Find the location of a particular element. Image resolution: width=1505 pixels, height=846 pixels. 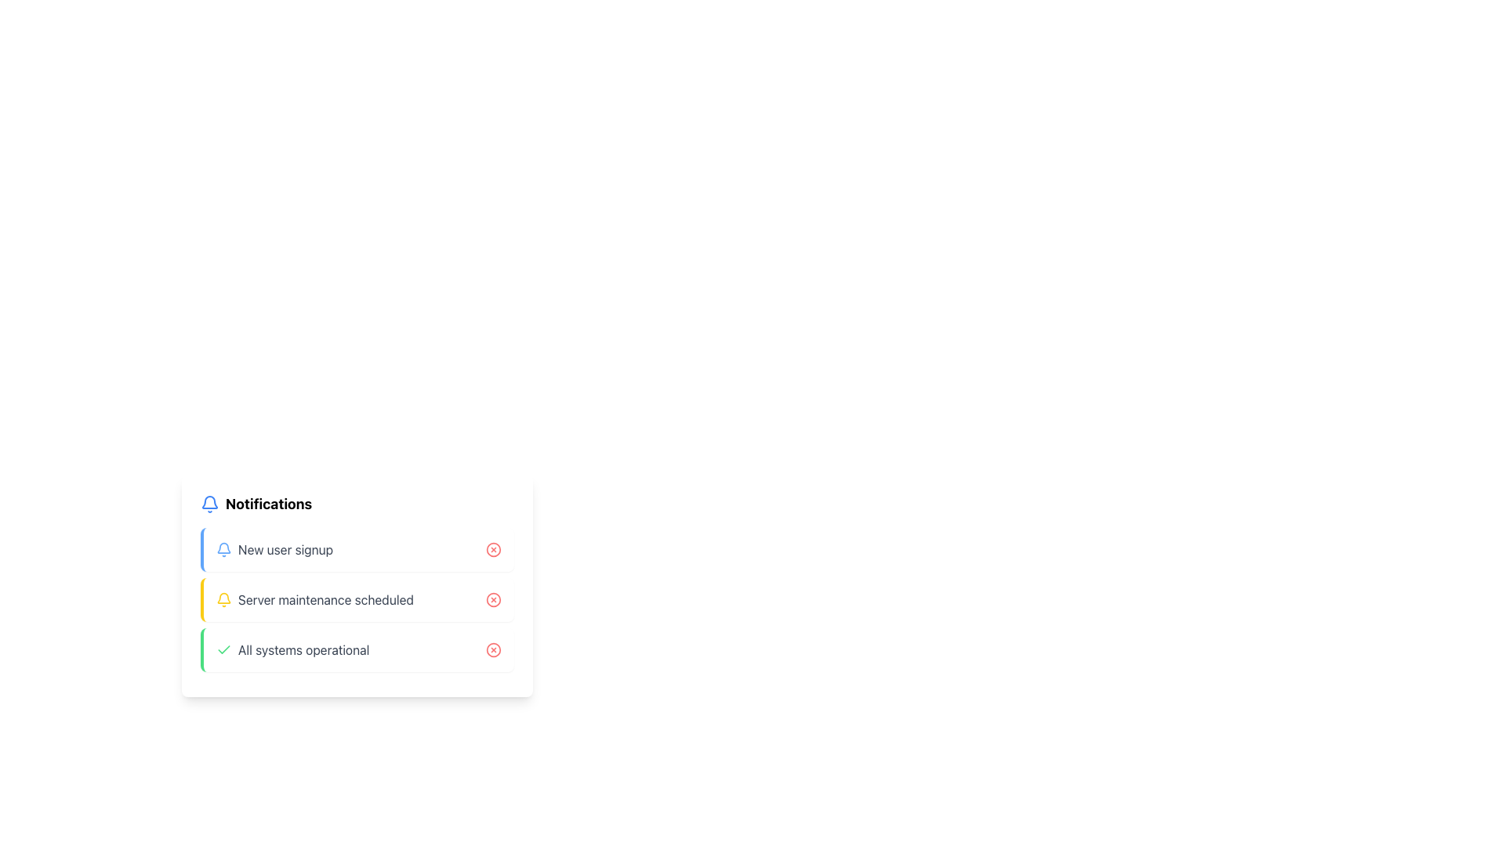

the notification message stating 'Server maintenance scheduled' is located at coordinates (357, 599).